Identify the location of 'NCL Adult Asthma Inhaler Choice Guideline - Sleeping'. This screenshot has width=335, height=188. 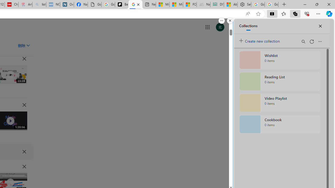
(53, 4).